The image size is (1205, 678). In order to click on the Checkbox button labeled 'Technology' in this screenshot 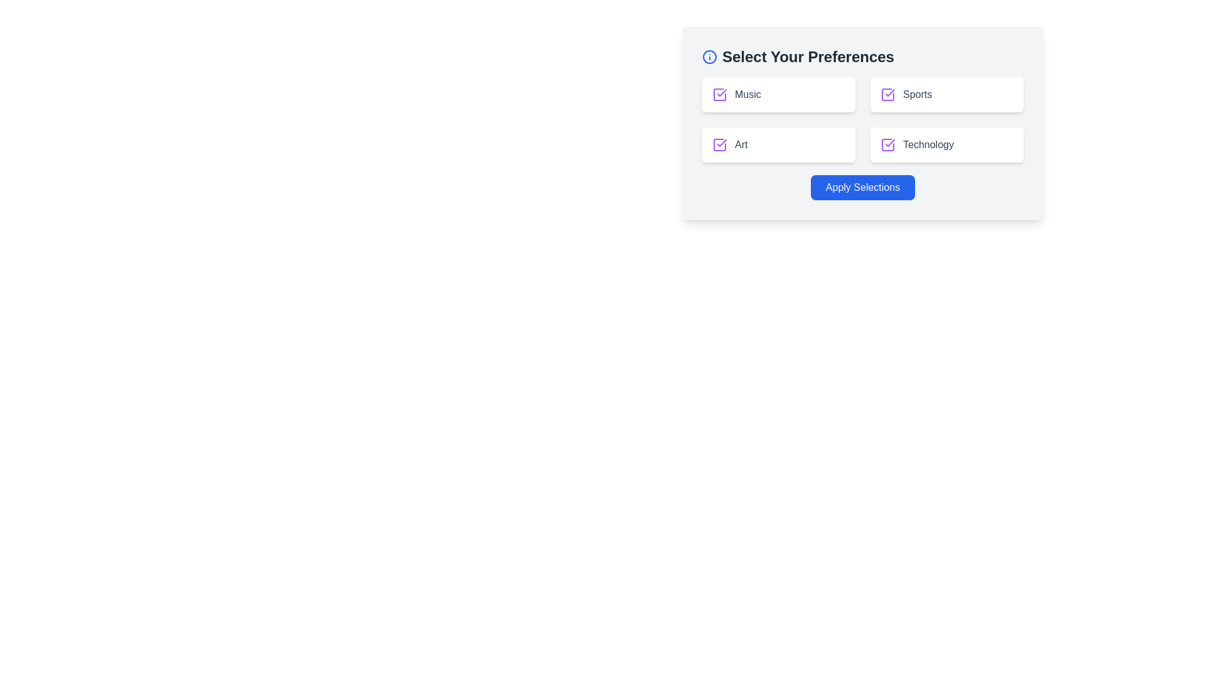, I will do `click(946, 144)`.